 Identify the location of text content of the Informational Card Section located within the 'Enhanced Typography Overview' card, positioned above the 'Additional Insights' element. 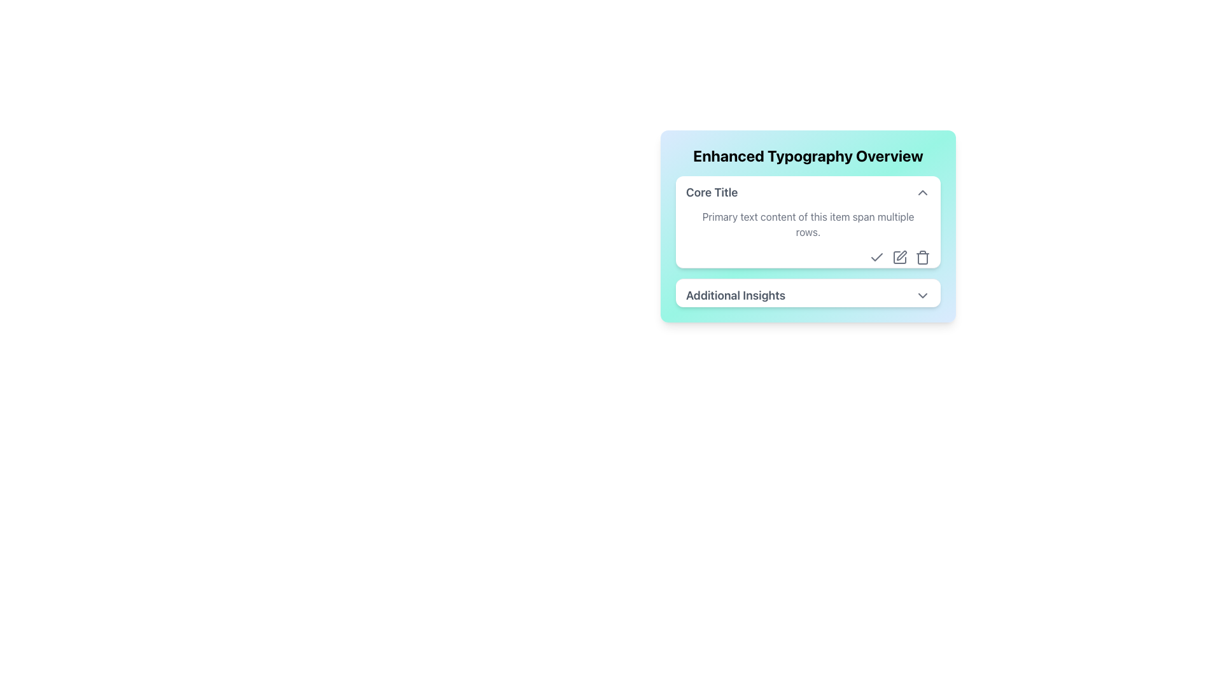
(808, 242).